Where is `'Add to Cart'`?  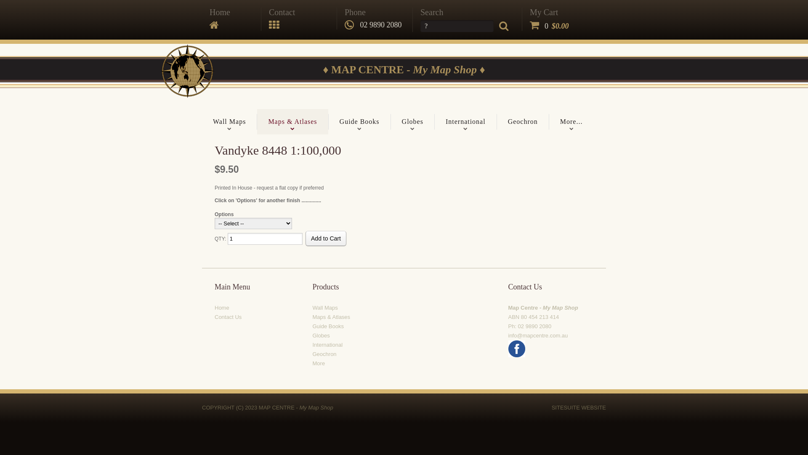
'Add to Cart' is located at coordinates (325, 238).